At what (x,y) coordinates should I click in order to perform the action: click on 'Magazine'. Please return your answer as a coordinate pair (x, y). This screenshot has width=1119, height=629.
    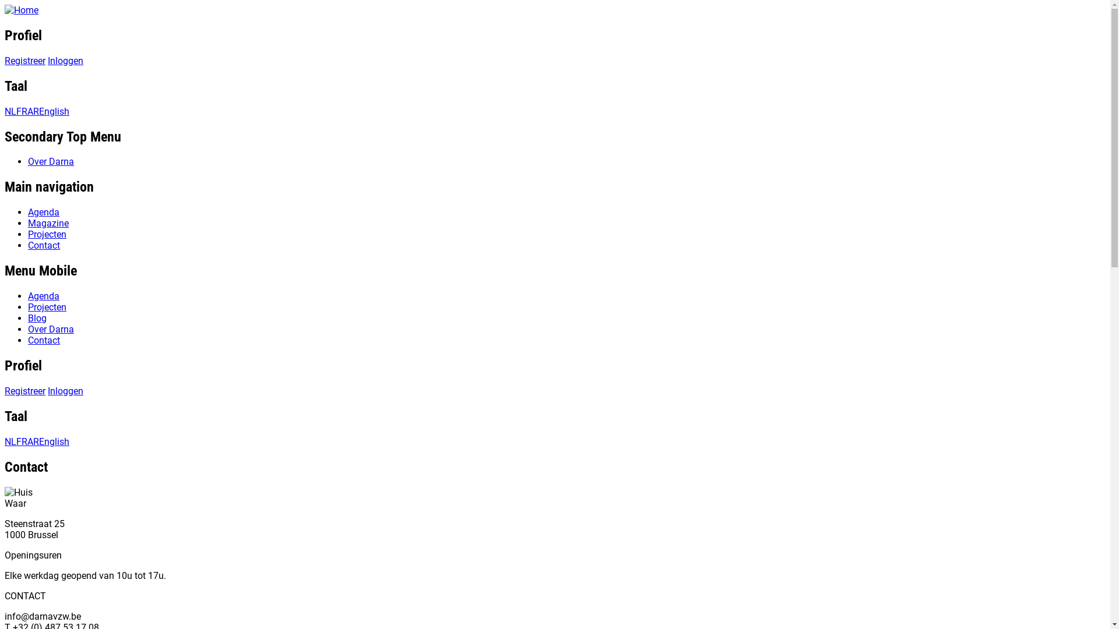
    Looking at the image, I should click on (28, 223).